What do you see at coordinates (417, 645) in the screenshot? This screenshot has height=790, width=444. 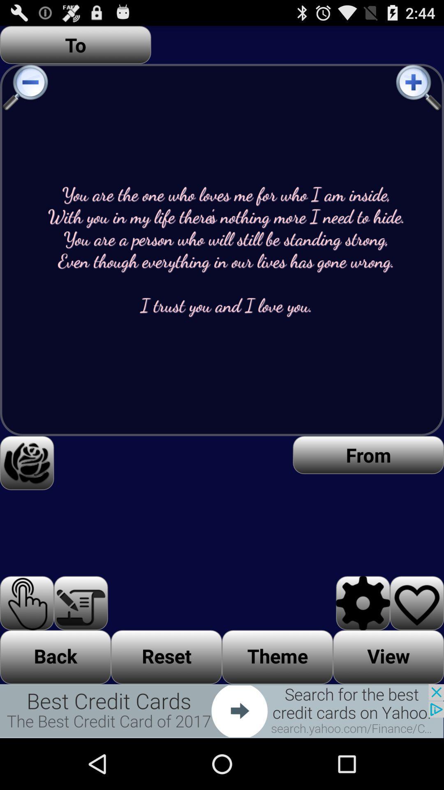 I see `the favorite icon` at bounding box center [417, 645].